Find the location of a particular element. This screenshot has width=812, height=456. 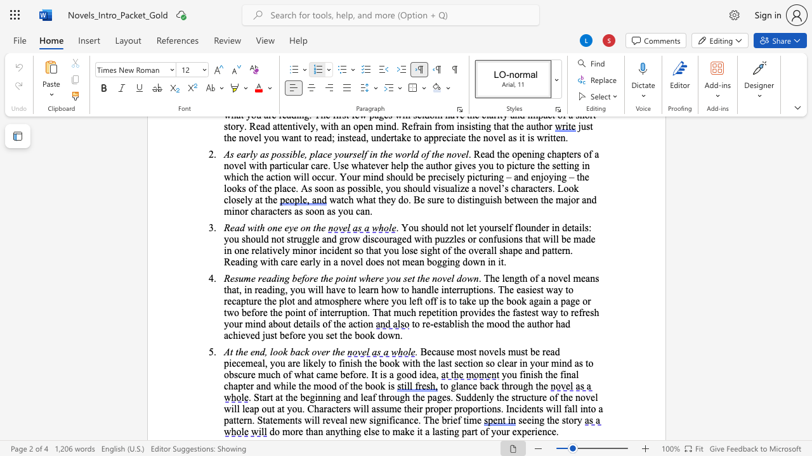

the 1th character "l" in the text is located at coordinates (577, 374).